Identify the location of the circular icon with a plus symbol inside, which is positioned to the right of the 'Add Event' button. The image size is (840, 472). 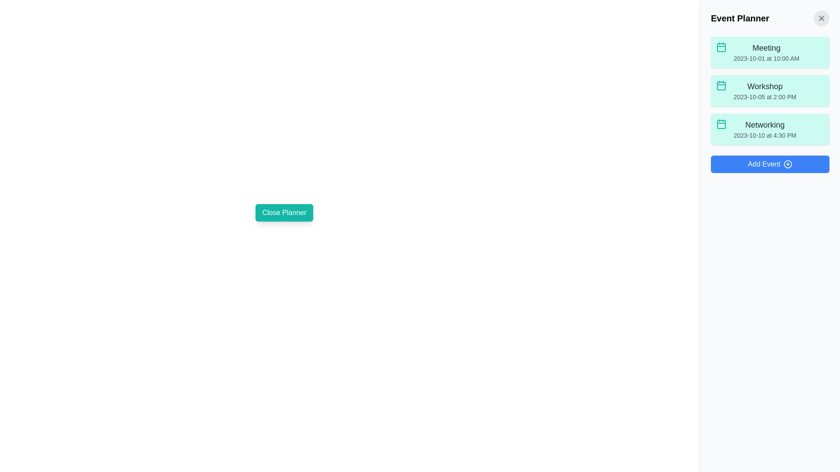
(788, 164).